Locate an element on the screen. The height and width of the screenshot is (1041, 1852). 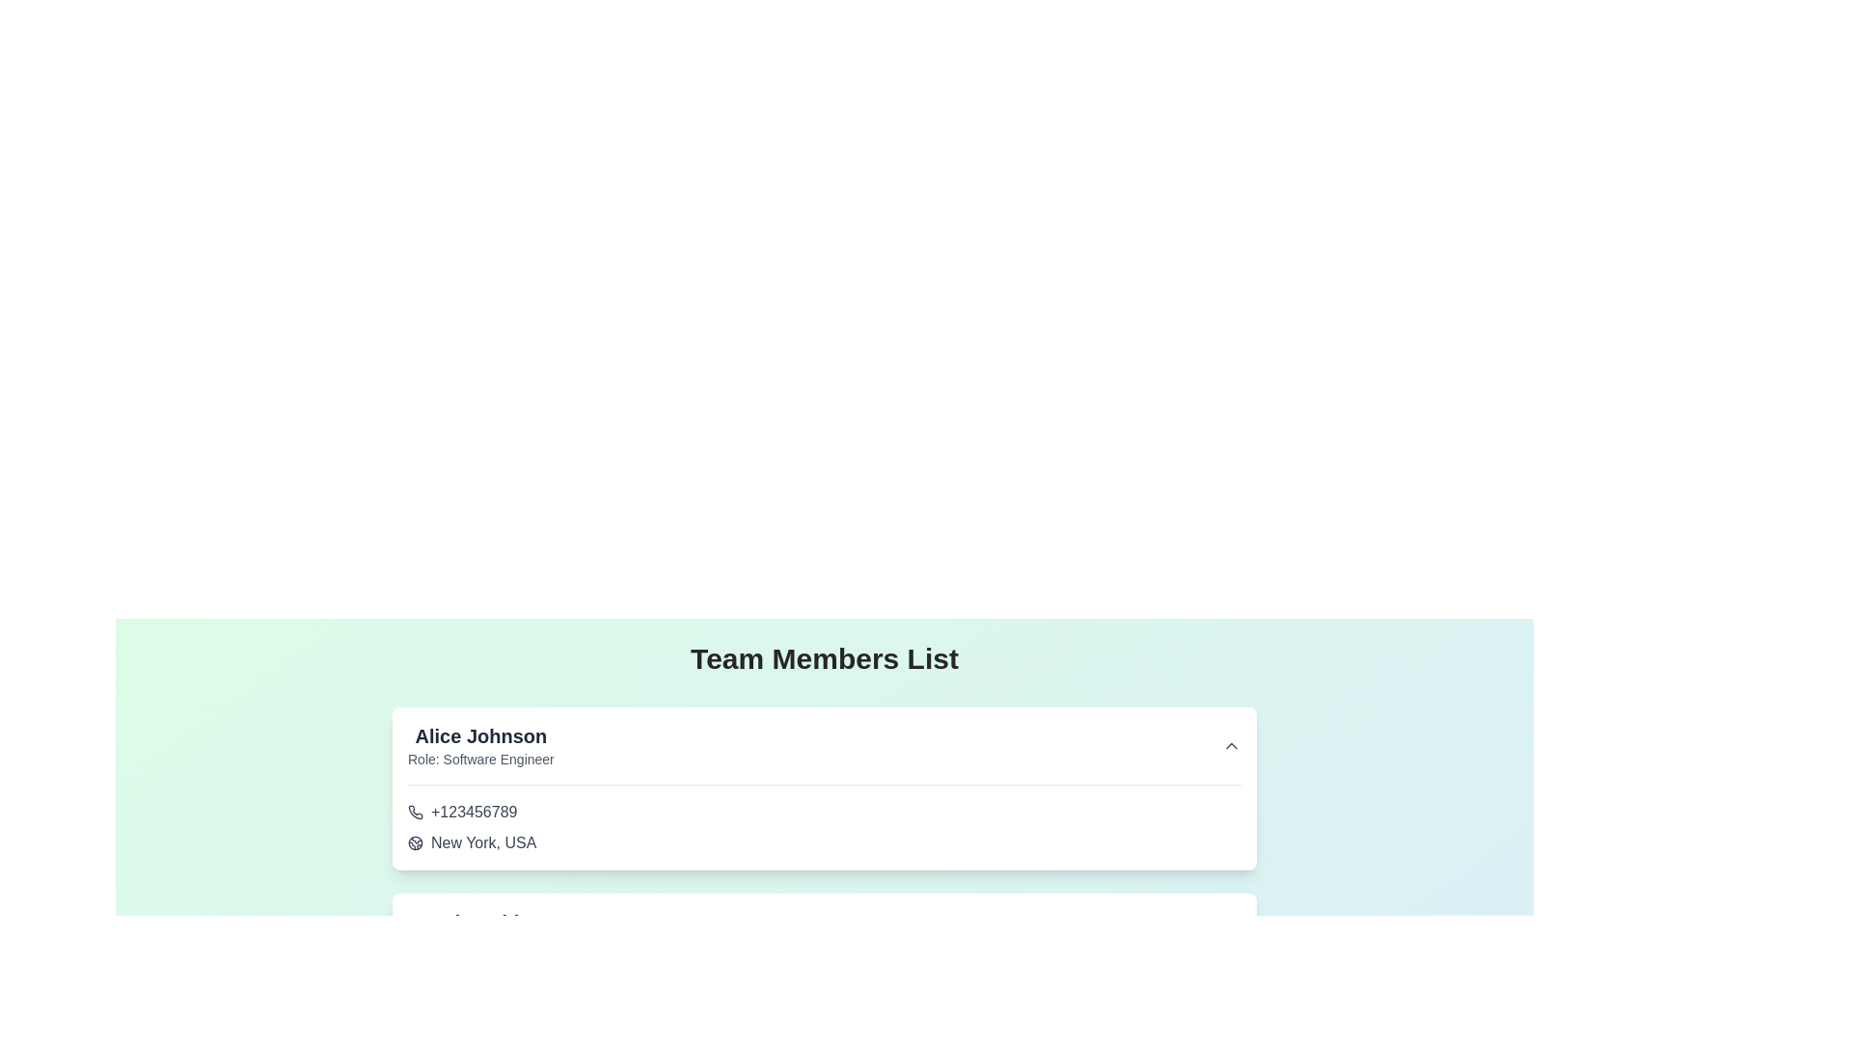
the 'Alice Johnson' text display element, which is prominently styled in bold and larger font, located at the top of a white card containing member details is located at coordinates (480, 735).